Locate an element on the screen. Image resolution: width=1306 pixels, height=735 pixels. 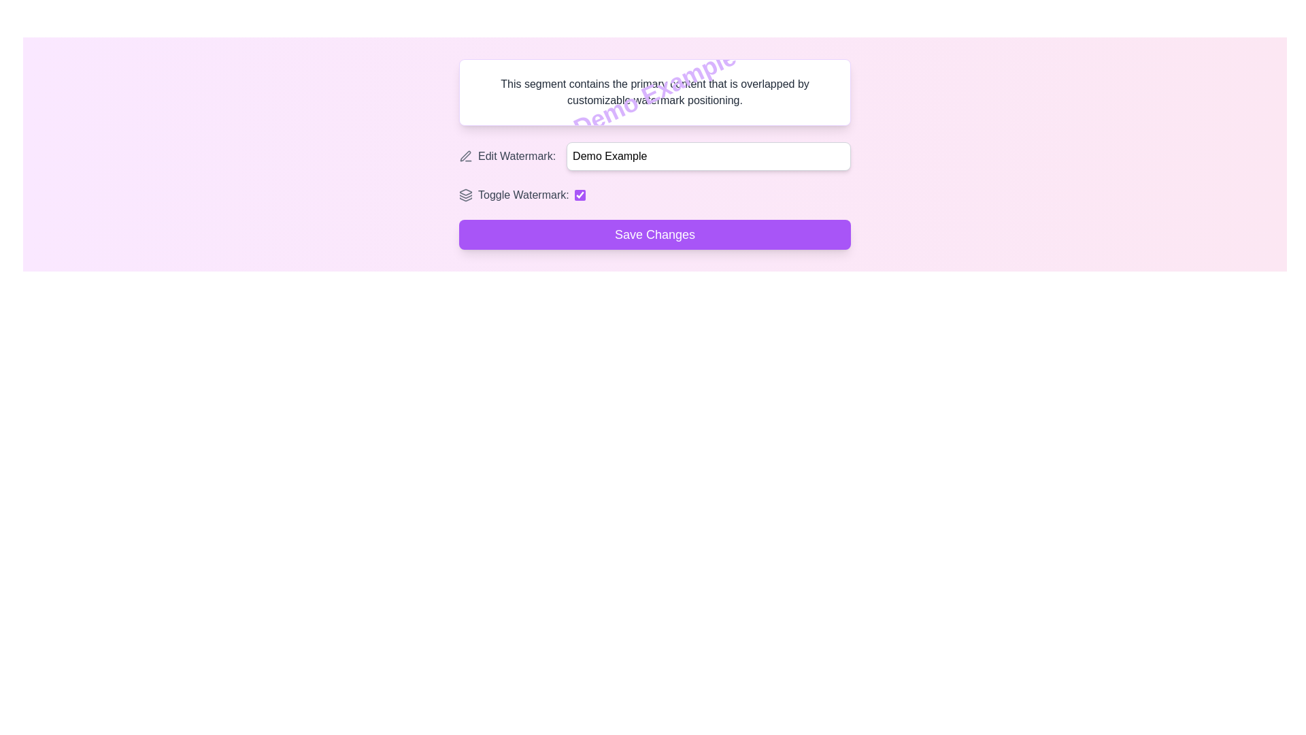
the non-interactive edit icon located under the label 'Edit Watermark:', which visually indicates the edit function associated with the nearby input field is located at coordinates (465, 155).